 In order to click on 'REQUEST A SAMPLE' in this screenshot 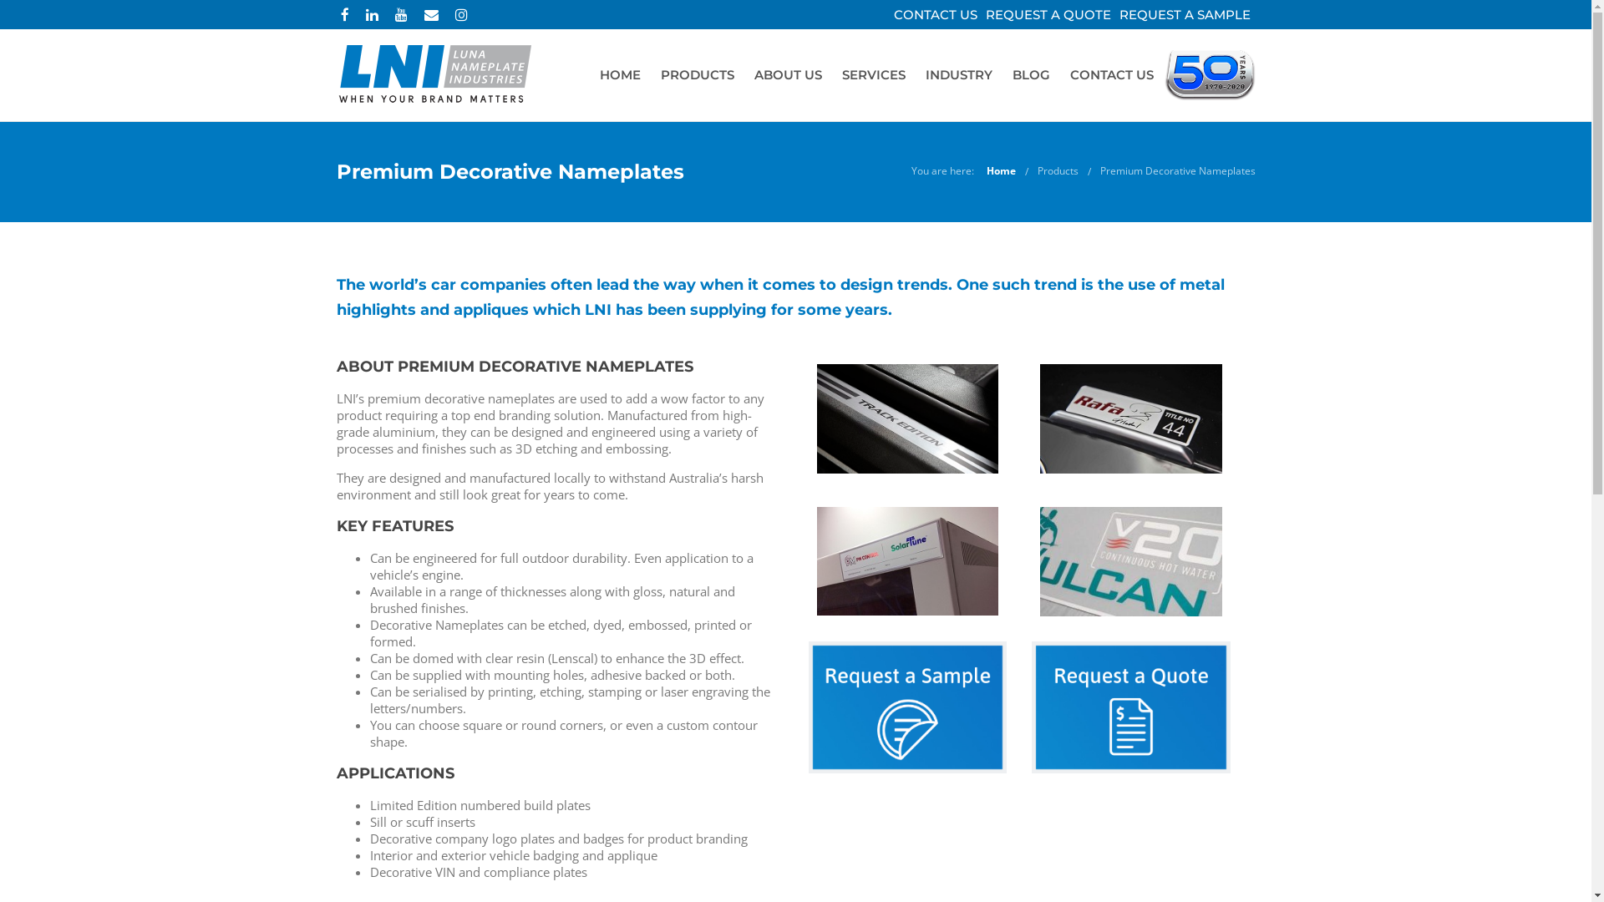, I will do `click(1184, 14)`.